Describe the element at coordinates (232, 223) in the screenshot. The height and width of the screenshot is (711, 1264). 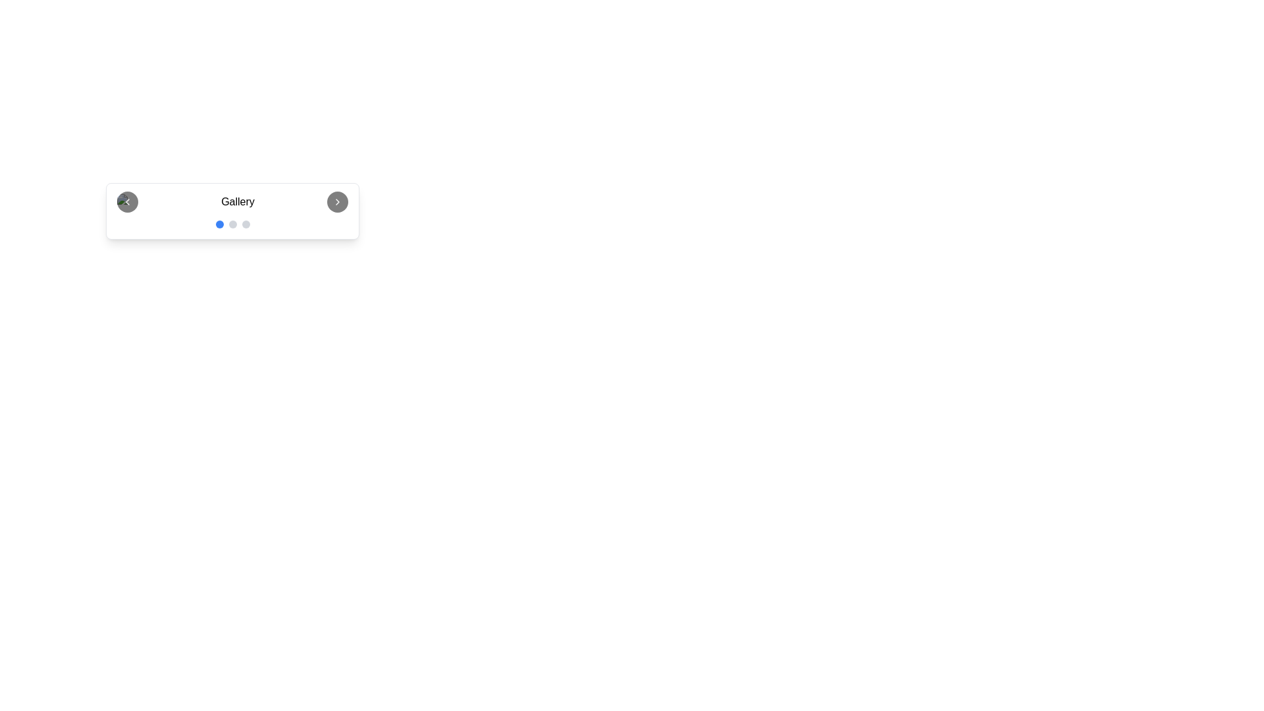
I see `the second circular progress indicator dot with a gray background located below the 'Gallery' title` at that location.